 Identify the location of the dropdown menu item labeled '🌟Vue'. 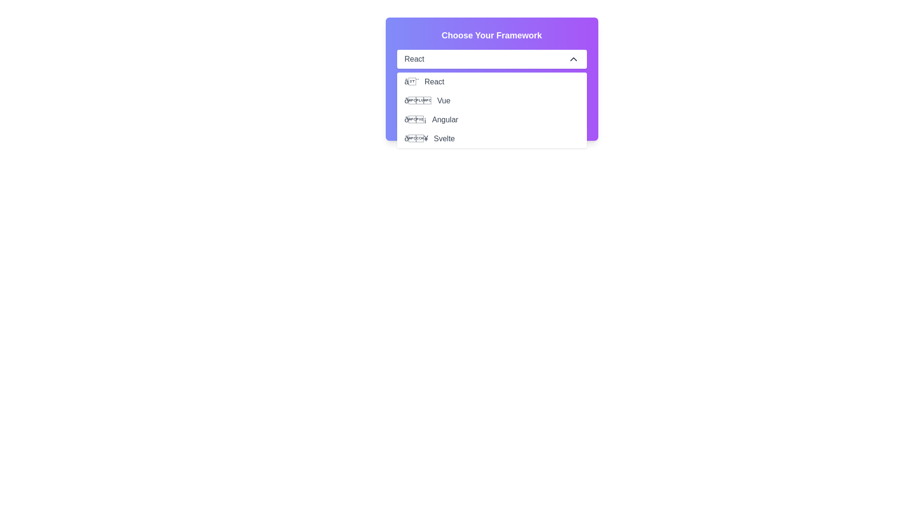
(492, 101).